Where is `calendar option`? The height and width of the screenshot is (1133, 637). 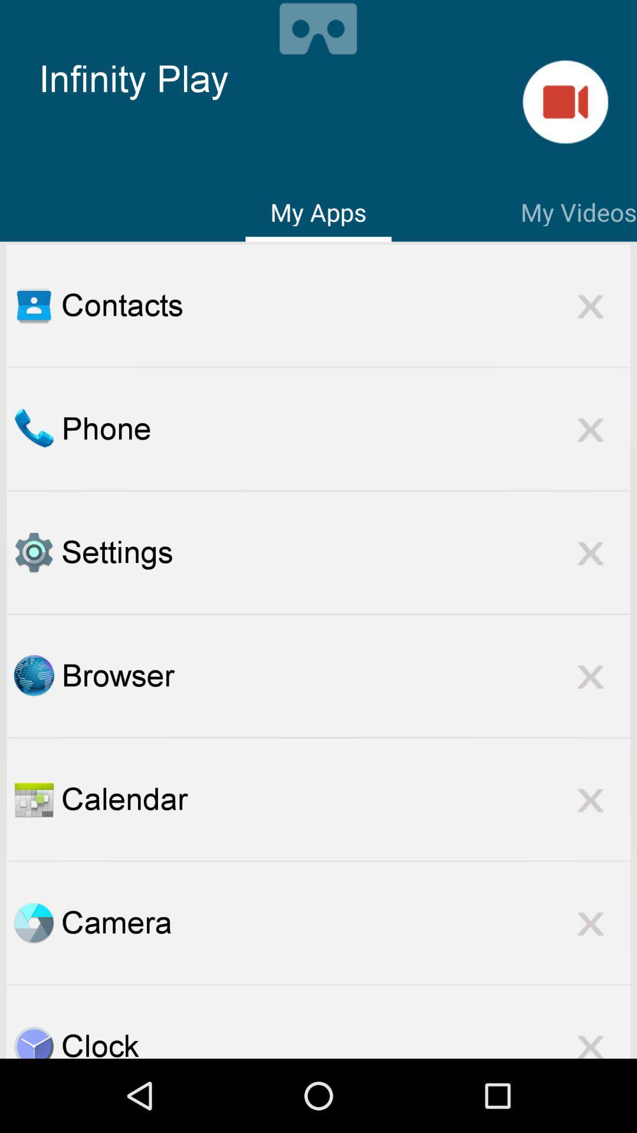 calendar option is located at coordinates (33, 799).